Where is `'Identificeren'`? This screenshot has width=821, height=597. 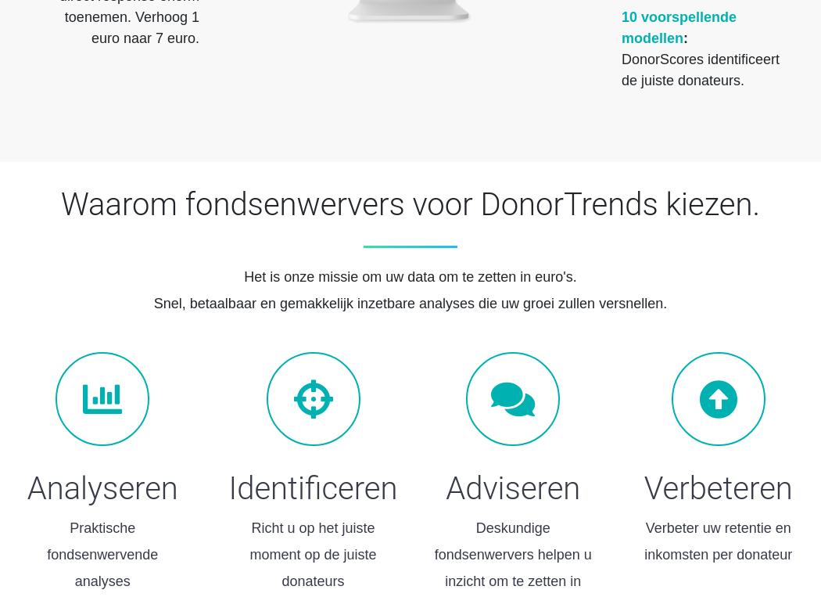 'Identificeren' is located at coordinates (313, 488).